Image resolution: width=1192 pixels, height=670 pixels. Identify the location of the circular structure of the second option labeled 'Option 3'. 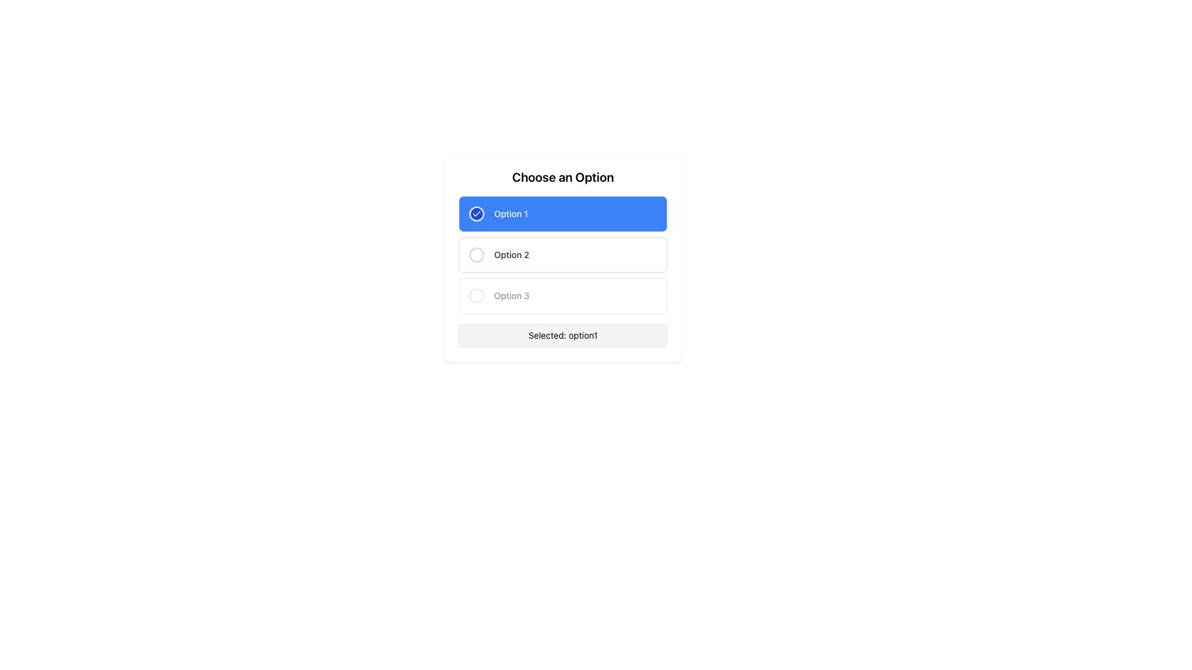
(476, 296).